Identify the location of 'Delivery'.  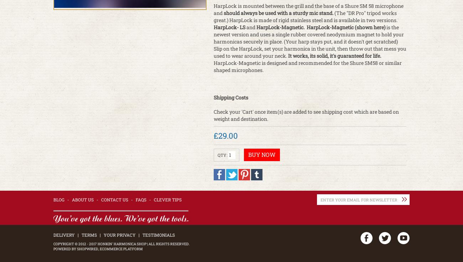
(64, 234).